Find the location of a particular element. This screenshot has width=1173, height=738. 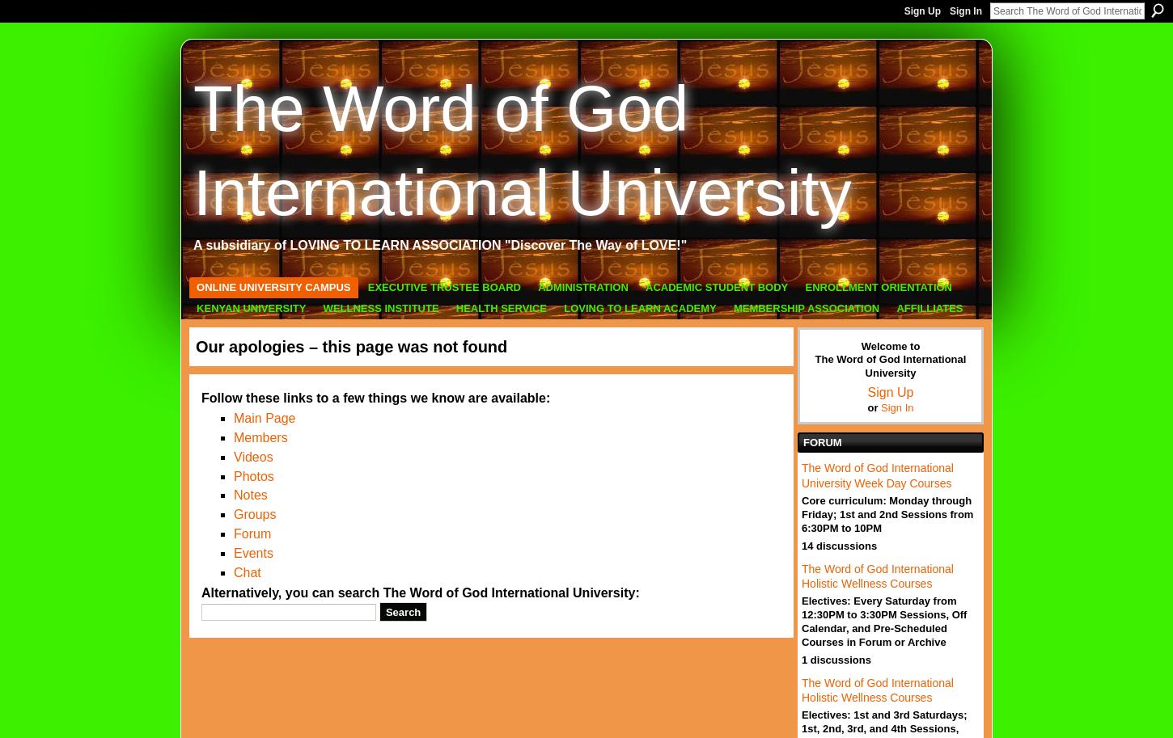

'Chat' is located at coordinates (247, 571).